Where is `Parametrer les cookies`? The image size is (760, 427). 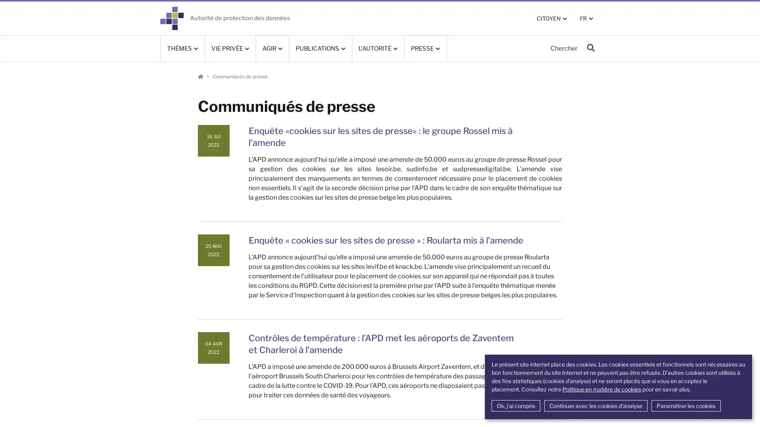
Parametrer les cookies is located at coordinates (685, 406).